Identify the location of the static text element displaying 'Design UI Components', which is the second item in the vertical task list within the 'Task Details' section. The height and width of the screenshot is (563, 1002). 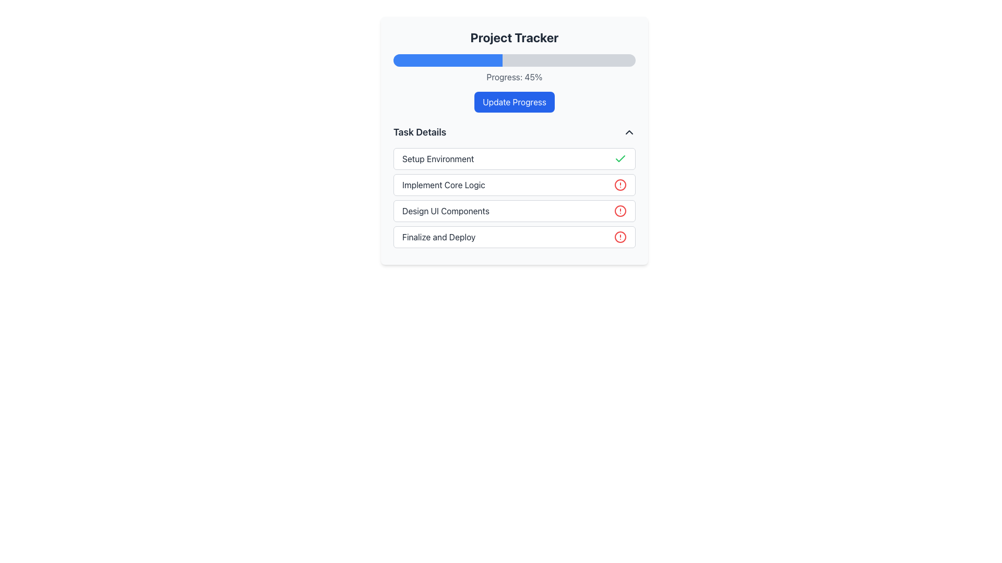
(446, 211).